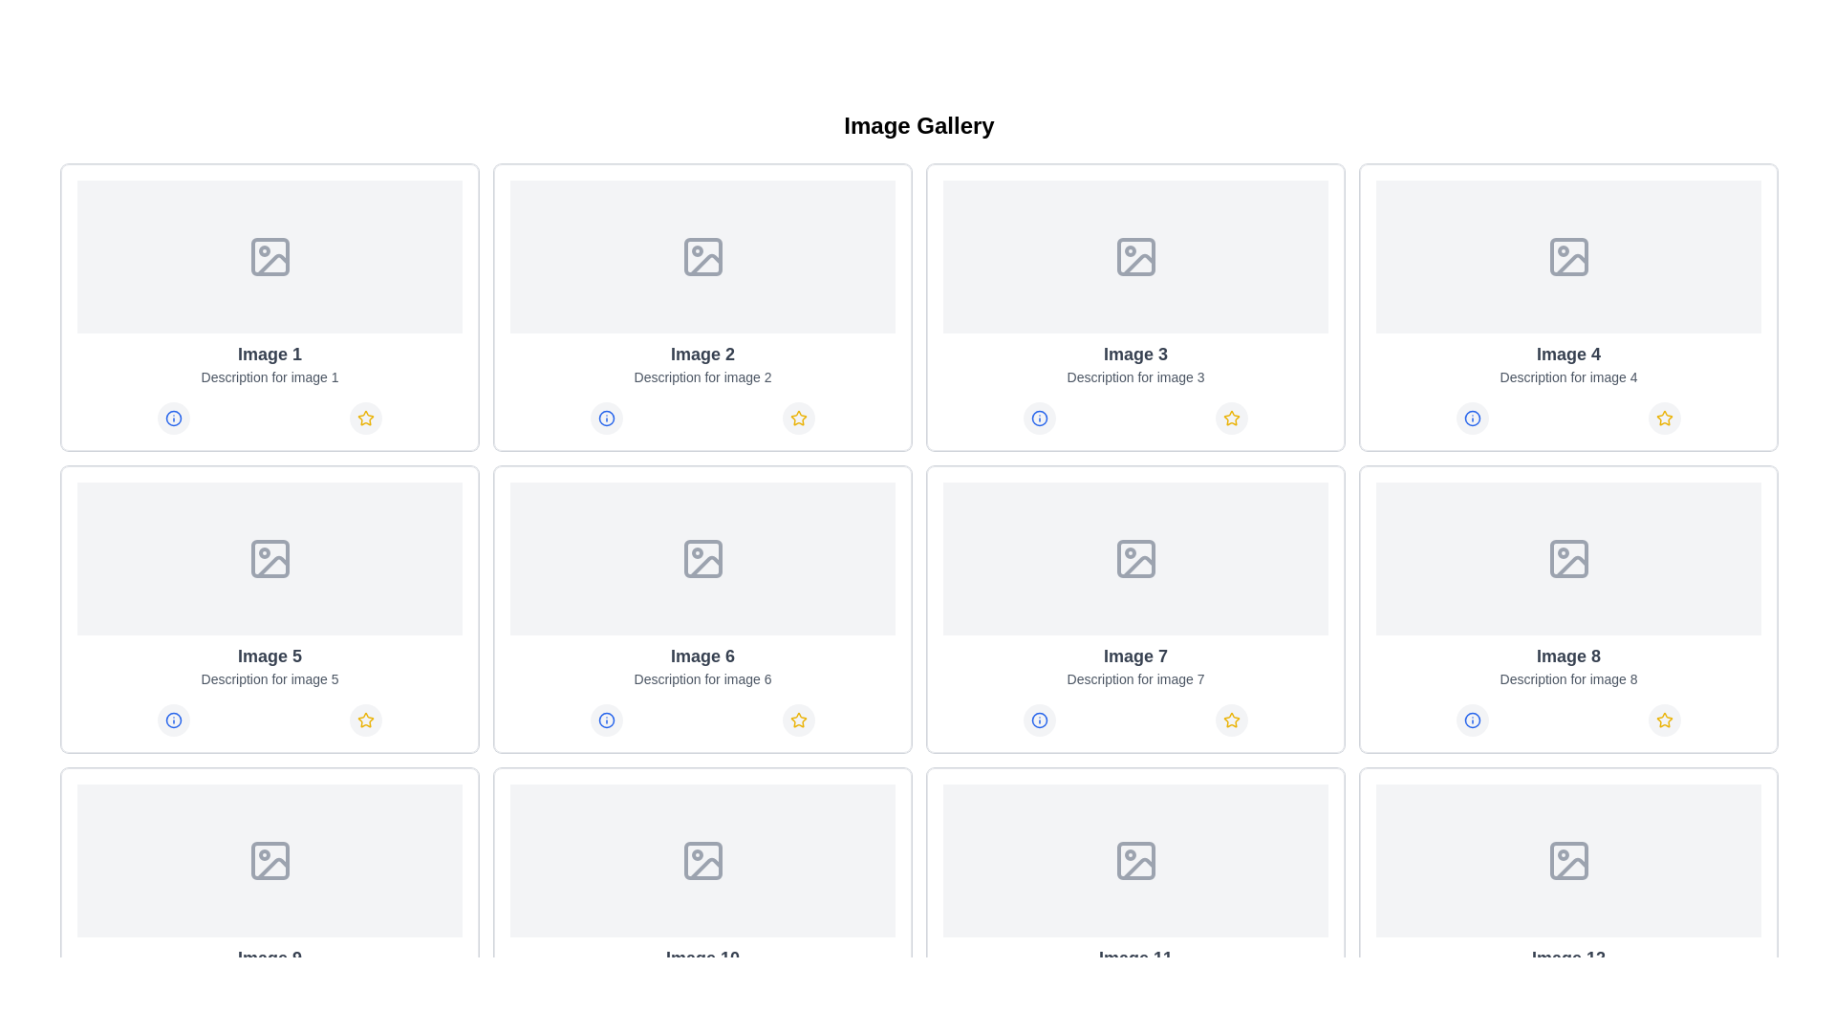  I want to click on the central circular part of the 'info' icon located at the bottom-left corner of the card for 'Image 8', so click(1471, 720).